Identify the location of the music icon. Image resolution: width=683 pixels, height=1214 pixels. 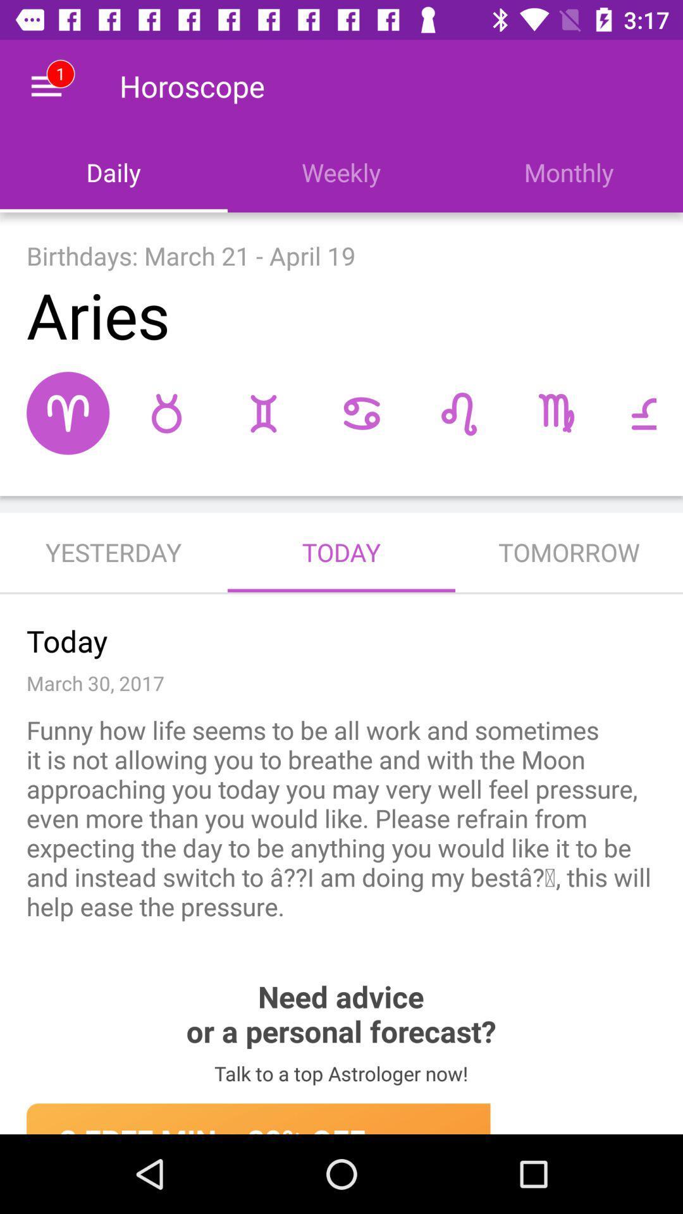
(458, 413).